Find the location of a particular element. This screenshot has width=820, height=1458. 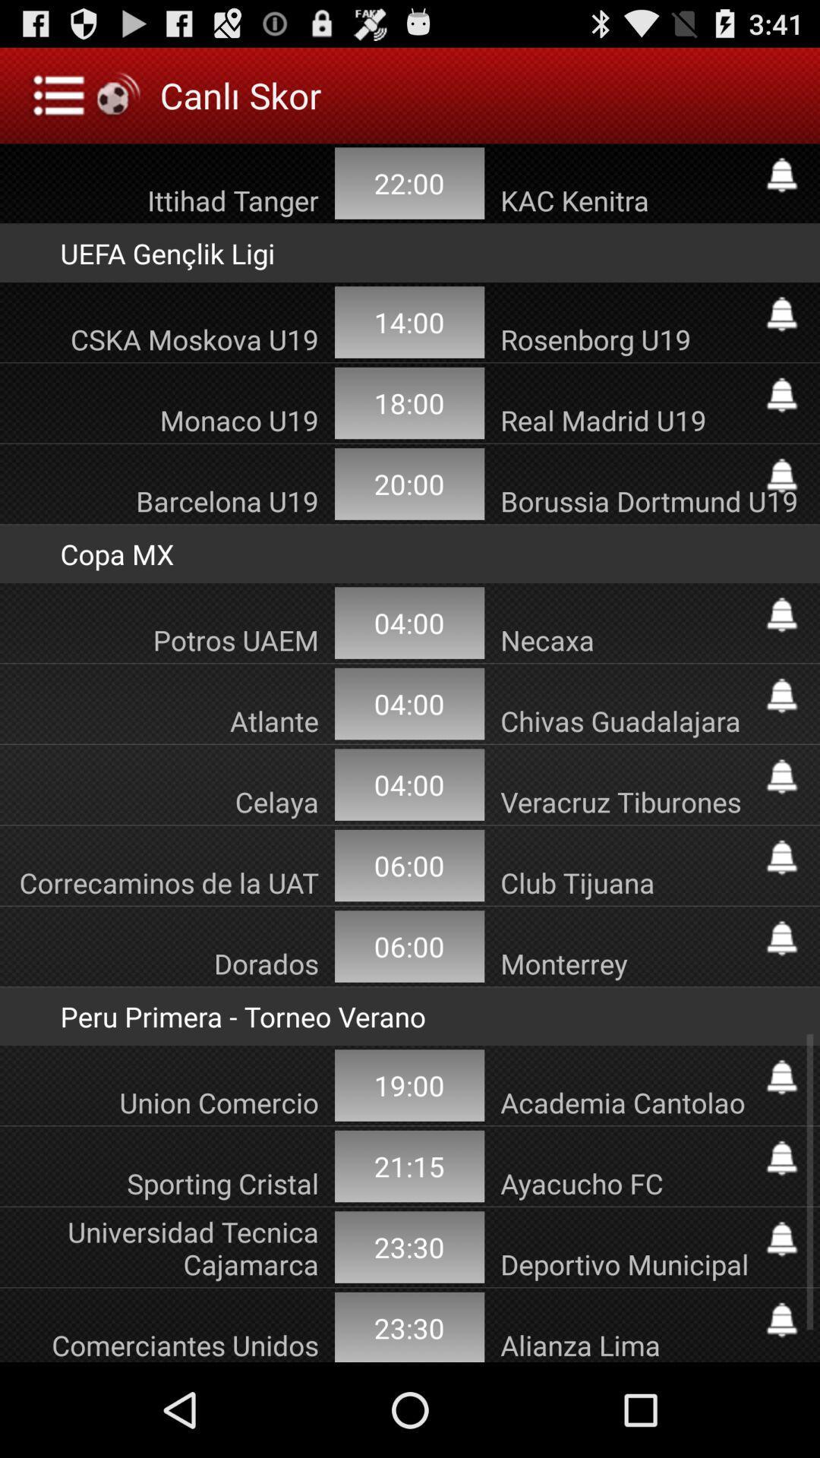

notification bell is located at coordinates (781, 857).